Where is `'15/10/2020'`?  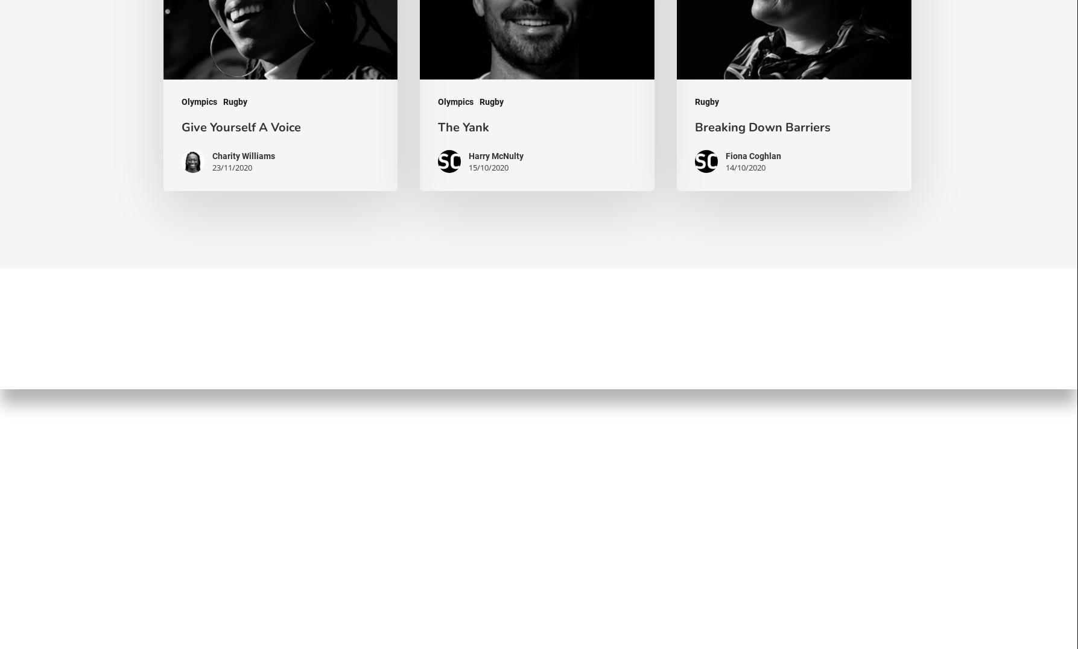
'15/10/2020' is located at coordinates (489, 166).